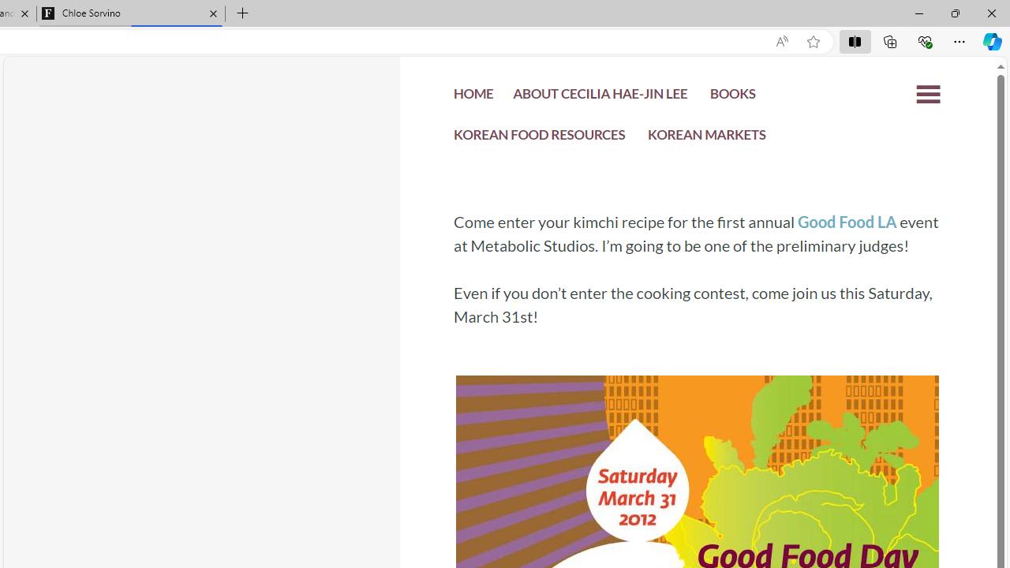 Image resolution: width=1010 pixels, height=568 pixels. Describe the element at coordinates (890, 40) in the screenshot. I see `'Collections'` at that location.